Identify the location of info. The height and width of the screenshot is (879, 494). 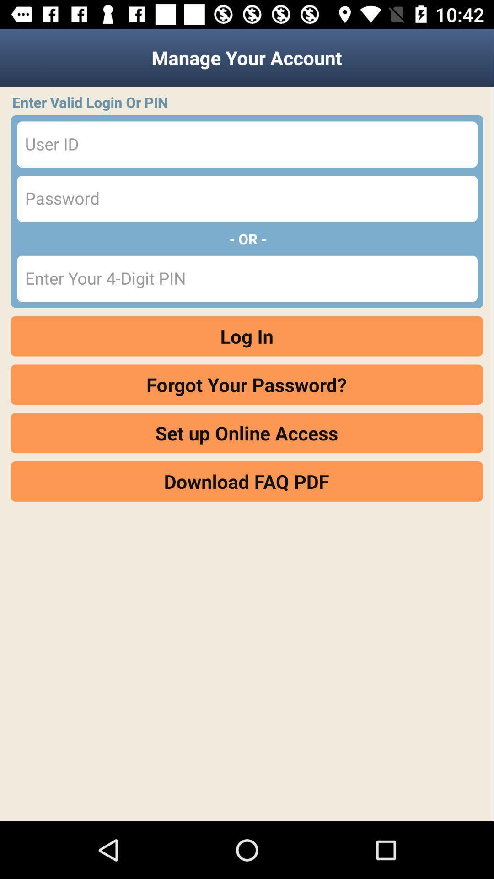
(247, 278).